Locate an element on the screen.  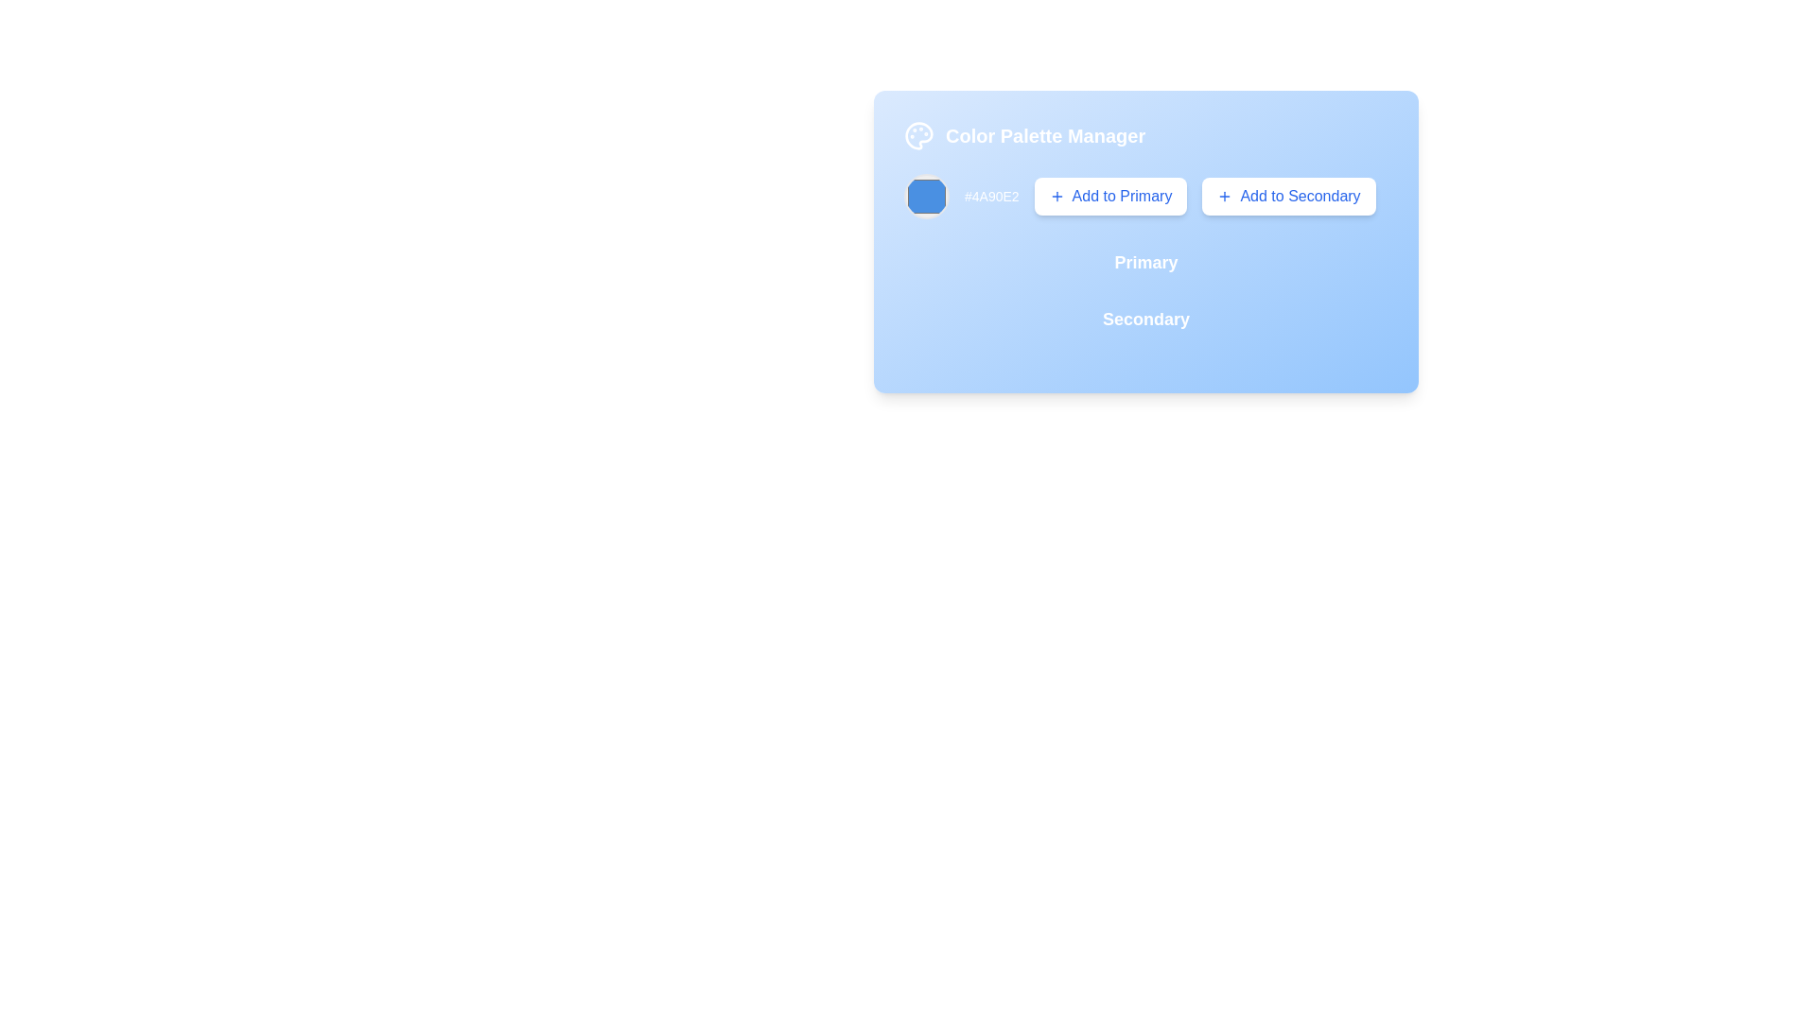
the plus icon located within the 'Add to Primary' button on the right side of the card-like interface is located at coordinates (1056, 197).